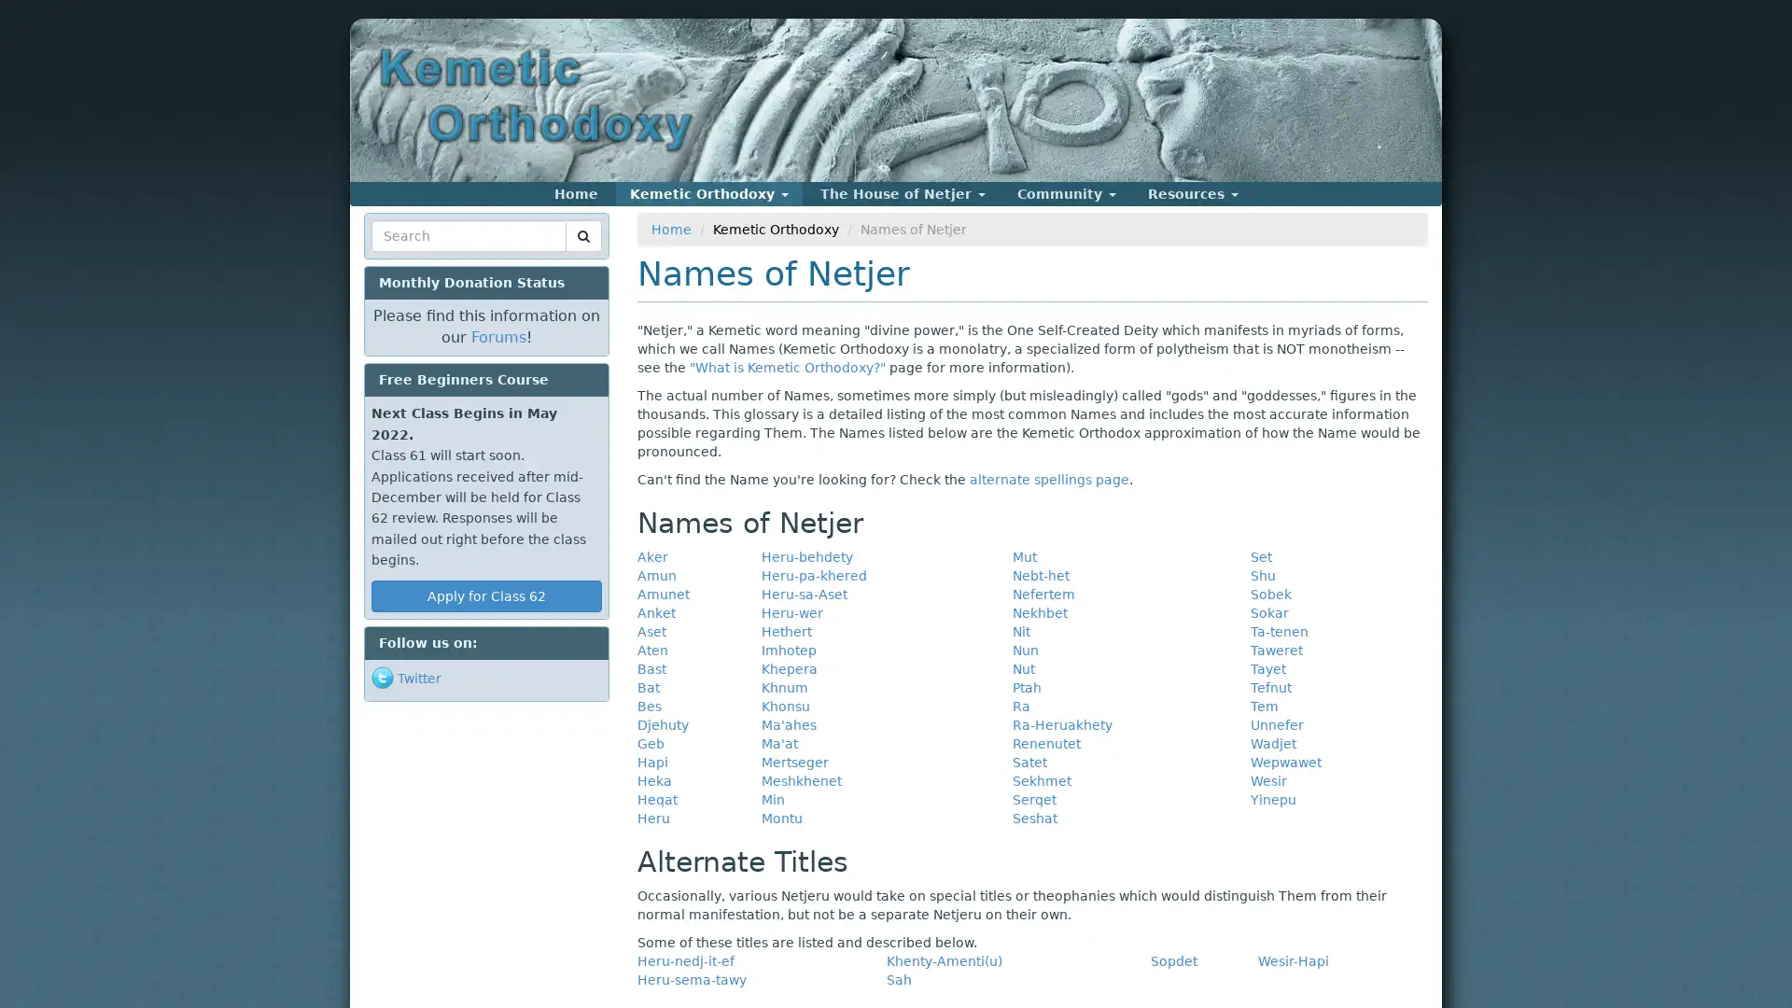 This screenshot has width=1792, height=1008. What do you see at coordinates (406, 259) in the screenshot?
I see `Search` at bounding box center [406, 259].